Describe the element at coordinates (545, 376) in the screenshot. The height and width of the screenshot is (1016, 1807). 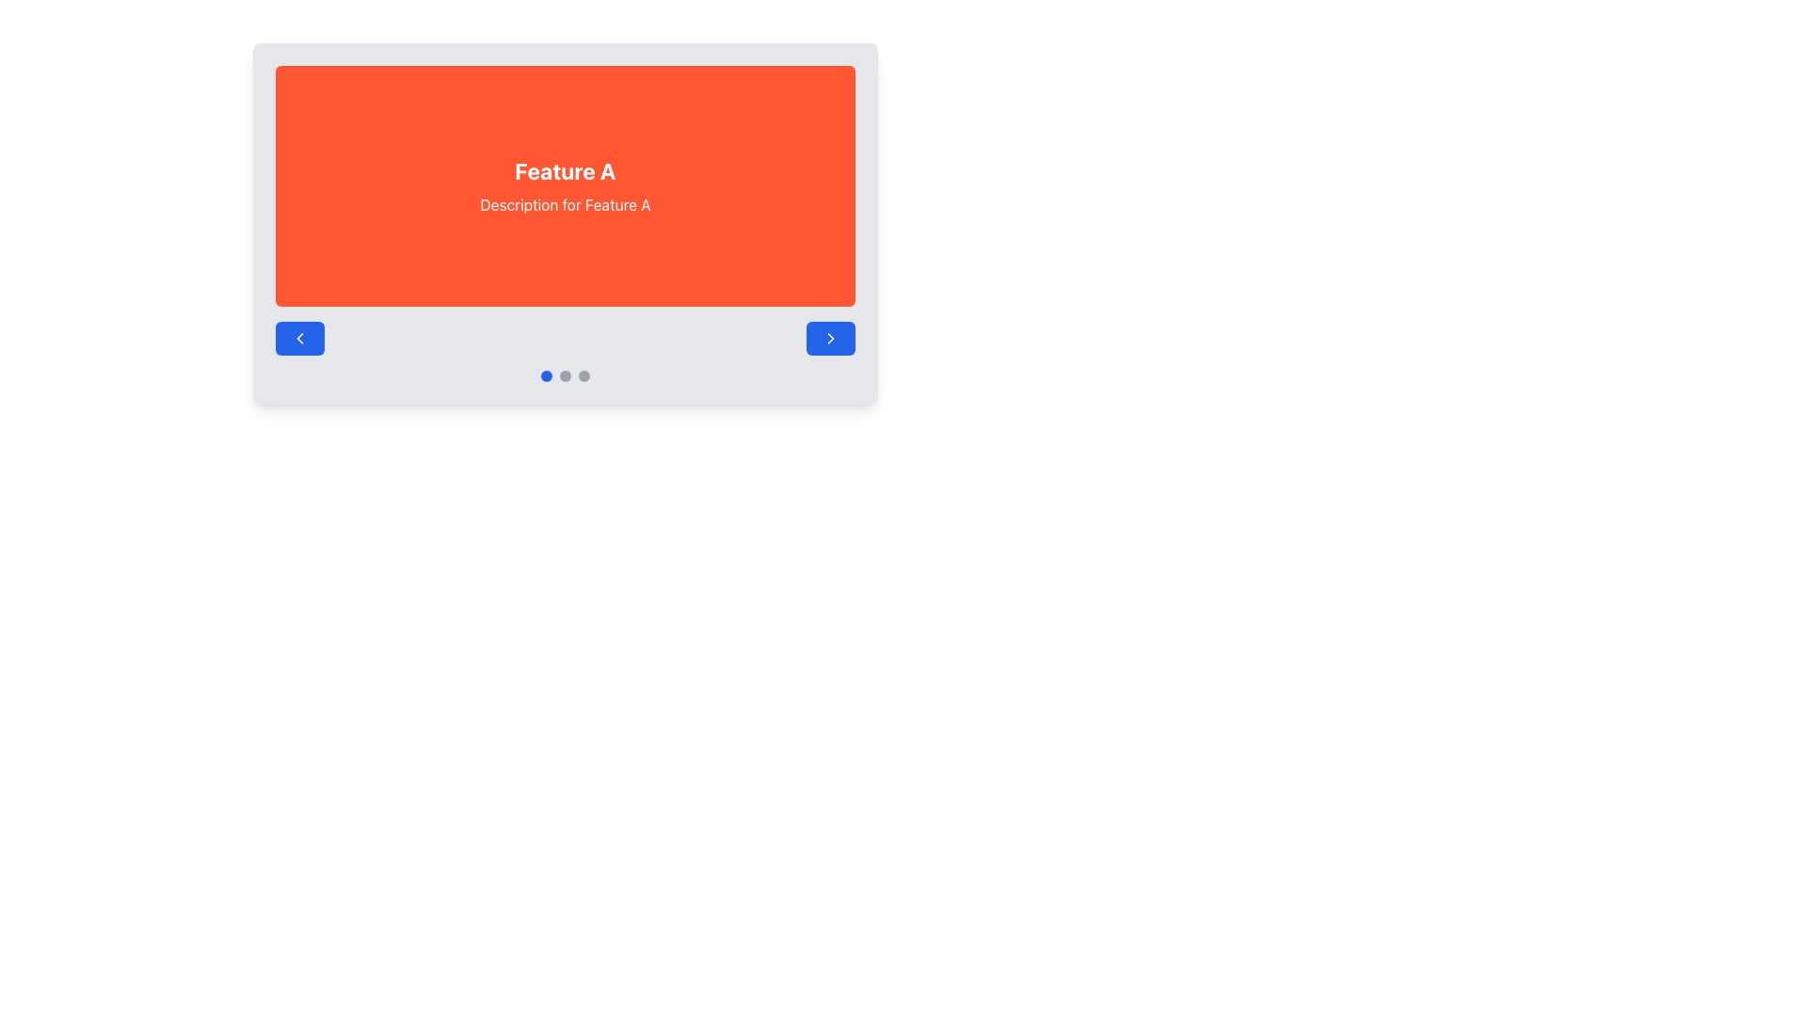
I see `the leftmost blue Indicator Dot among the trio of circular navigation indicators at the center bottom of the card-like interface to change the active page` at that location.